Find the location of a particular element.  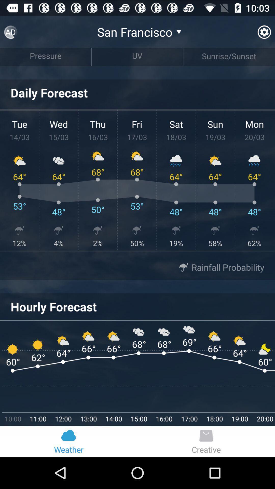

the settings icon is located at coordinates (264, 34).